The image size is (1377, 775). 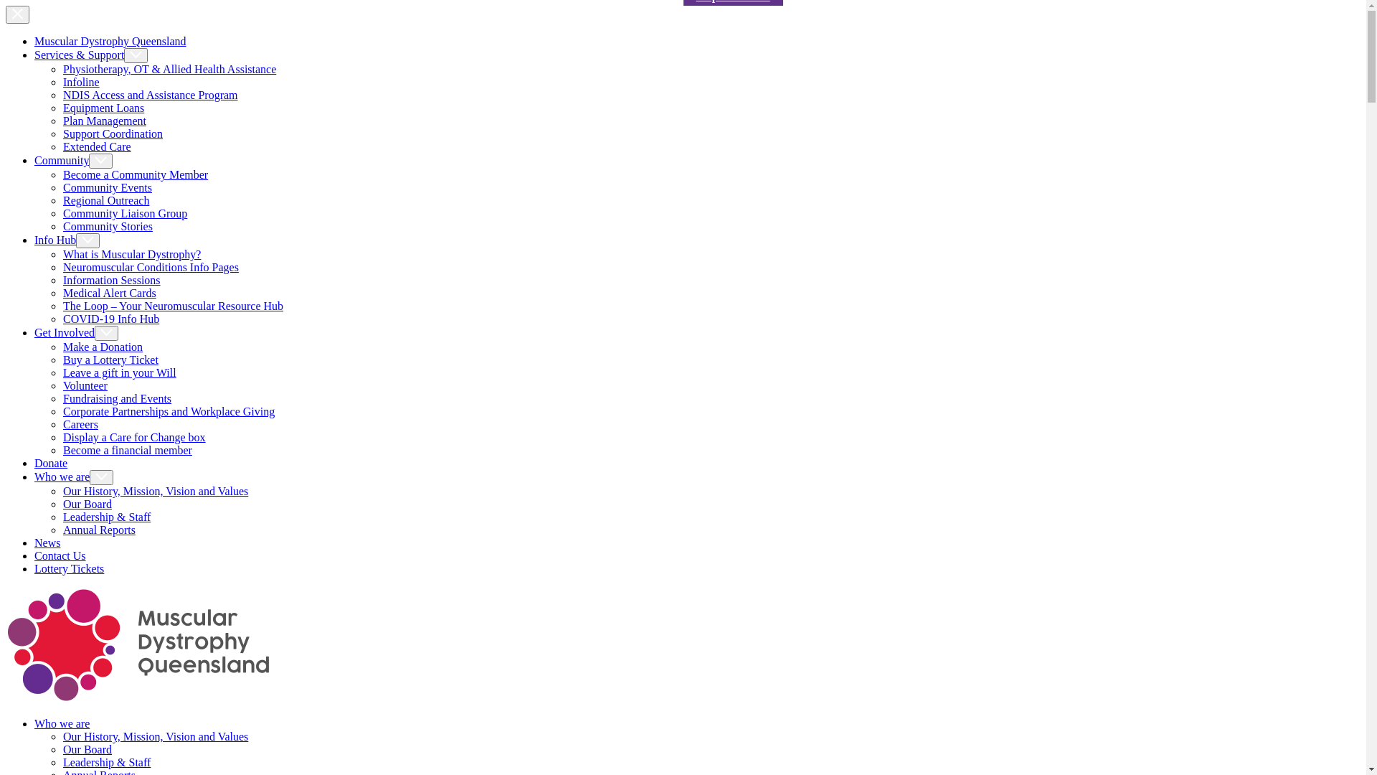 What do you see at coordinates (85, 385) in the screenshot?
I see `'Volunteer'` at bounding box center [85, 385].